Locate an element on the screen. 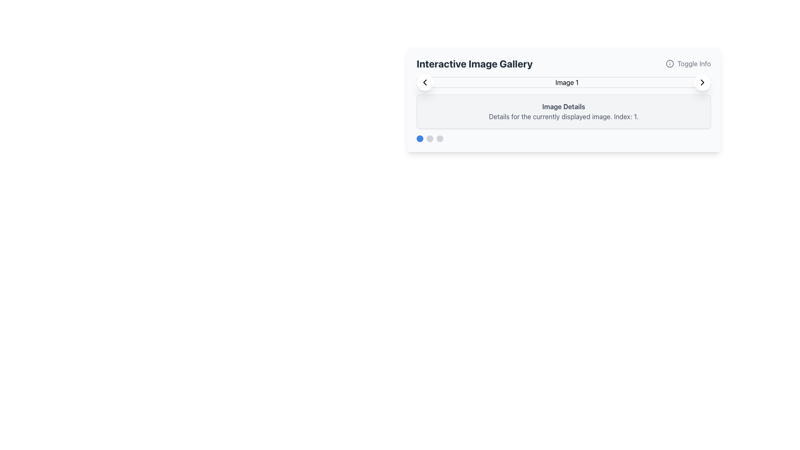  the third circular navigation button located at the bottom-left corner of the interactive image gallery is located at coordinates (440, 138).